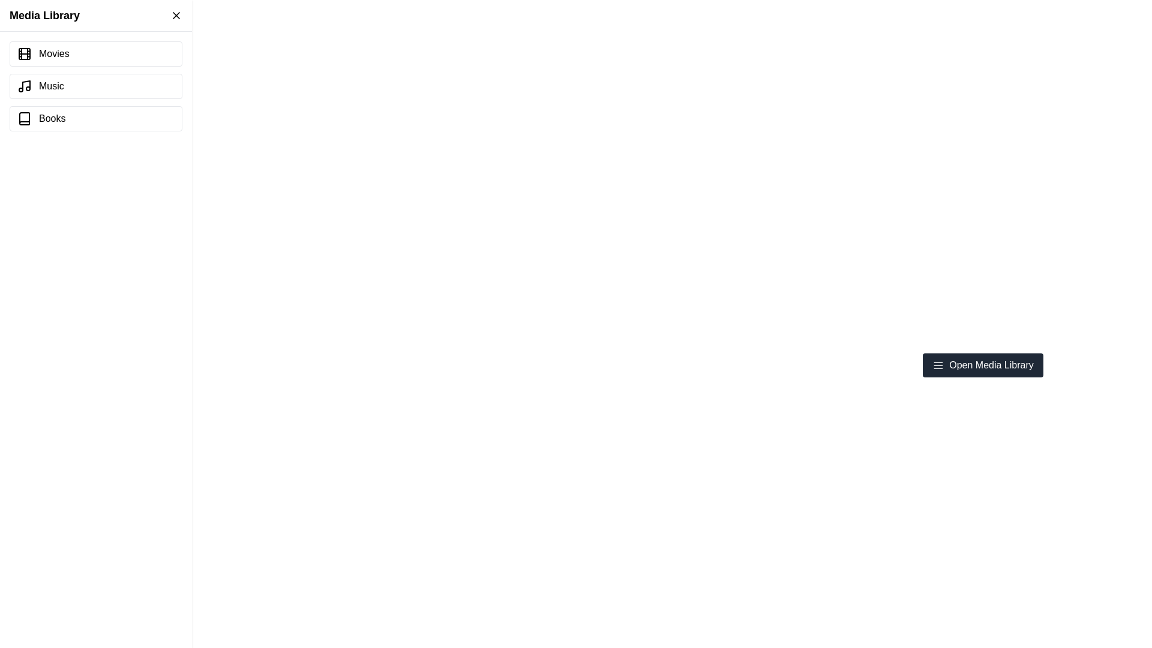 This screenshot has width=1152, height=648. Describe the element at coordinates (175, 16) in the screenshot. I see `the close button of the Media Library Drawer to close it` at that location.